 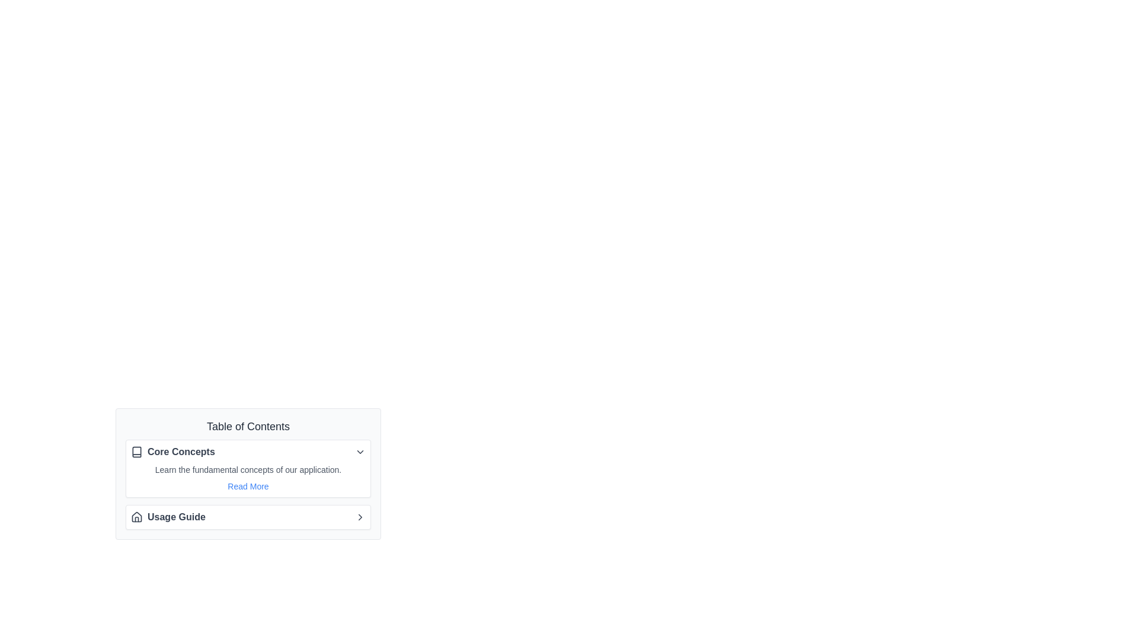 What do you see at coordinates (180, 452) in the screenshot?
I see `the 'Core Concepts' text label located in the 'Table of Contents' panel, which serves as the title for the section providing information on fundamental aspects of the application` at bounding box center [180, 452].